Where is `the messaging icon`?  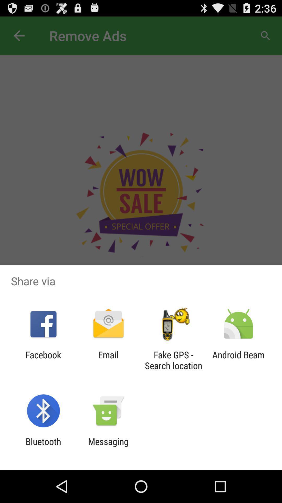 the messaging icon is located at coordinates (108, 447).